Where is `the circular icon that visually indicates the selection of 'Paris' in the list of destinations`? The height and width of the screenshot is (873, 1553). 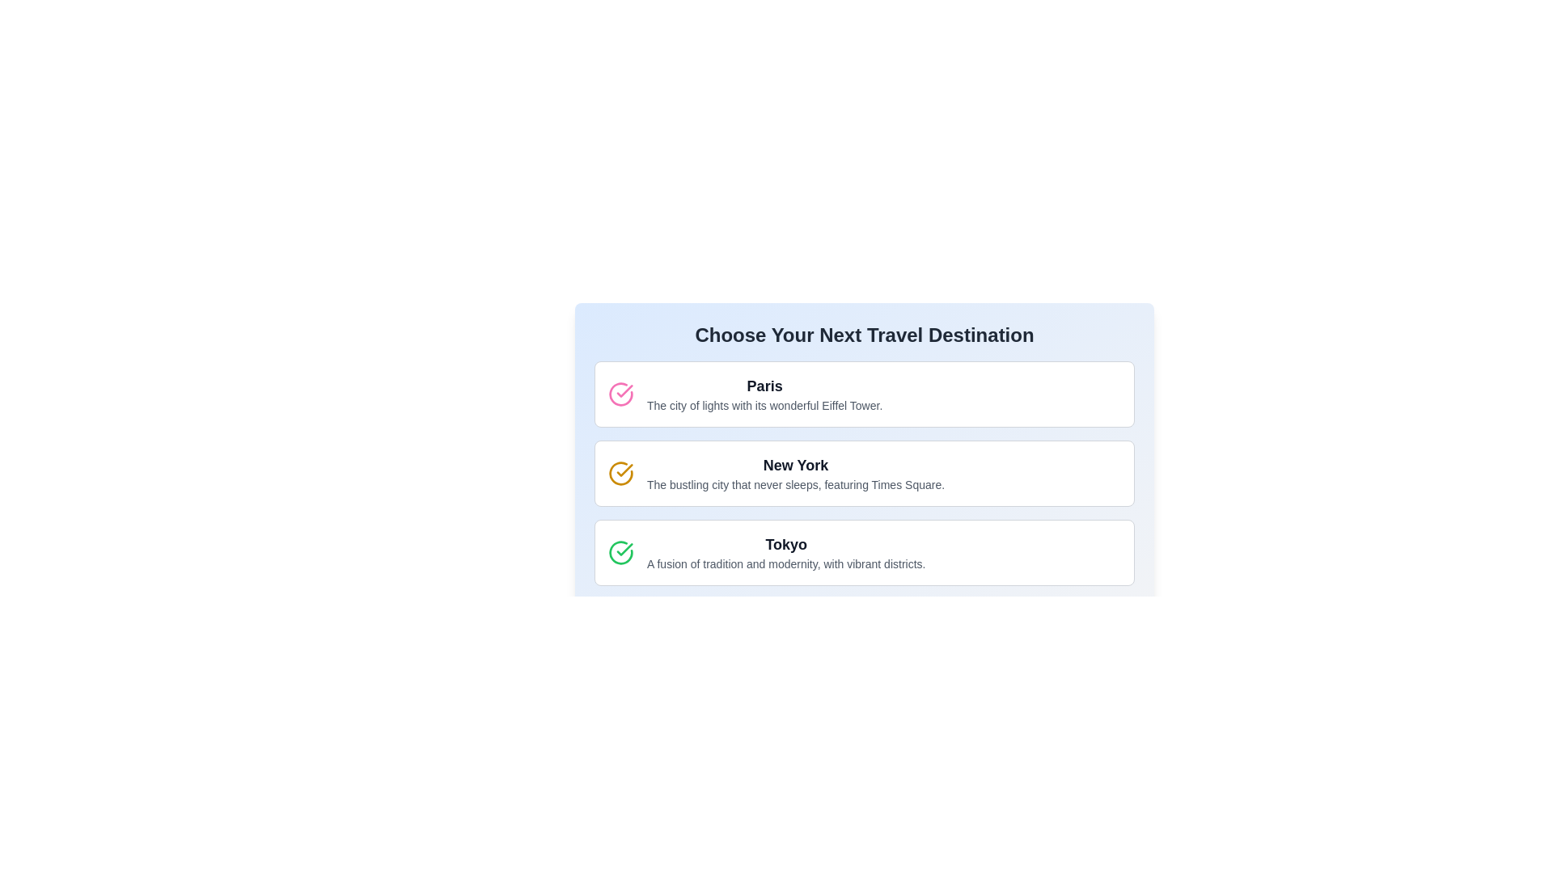 the circular icon that visually indicates the selection of 'Paris' in the list of destinations is located at coordinates (624, 548).